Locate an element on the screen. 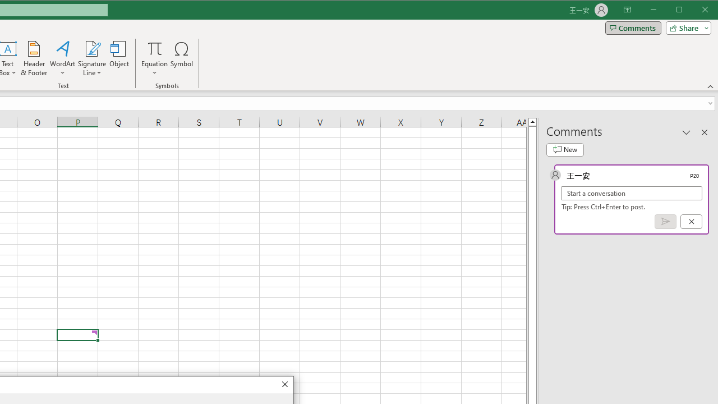 This screenshot has width=718, height=404. 'Ribbon Display Options' is located at coordinates (627, 10).